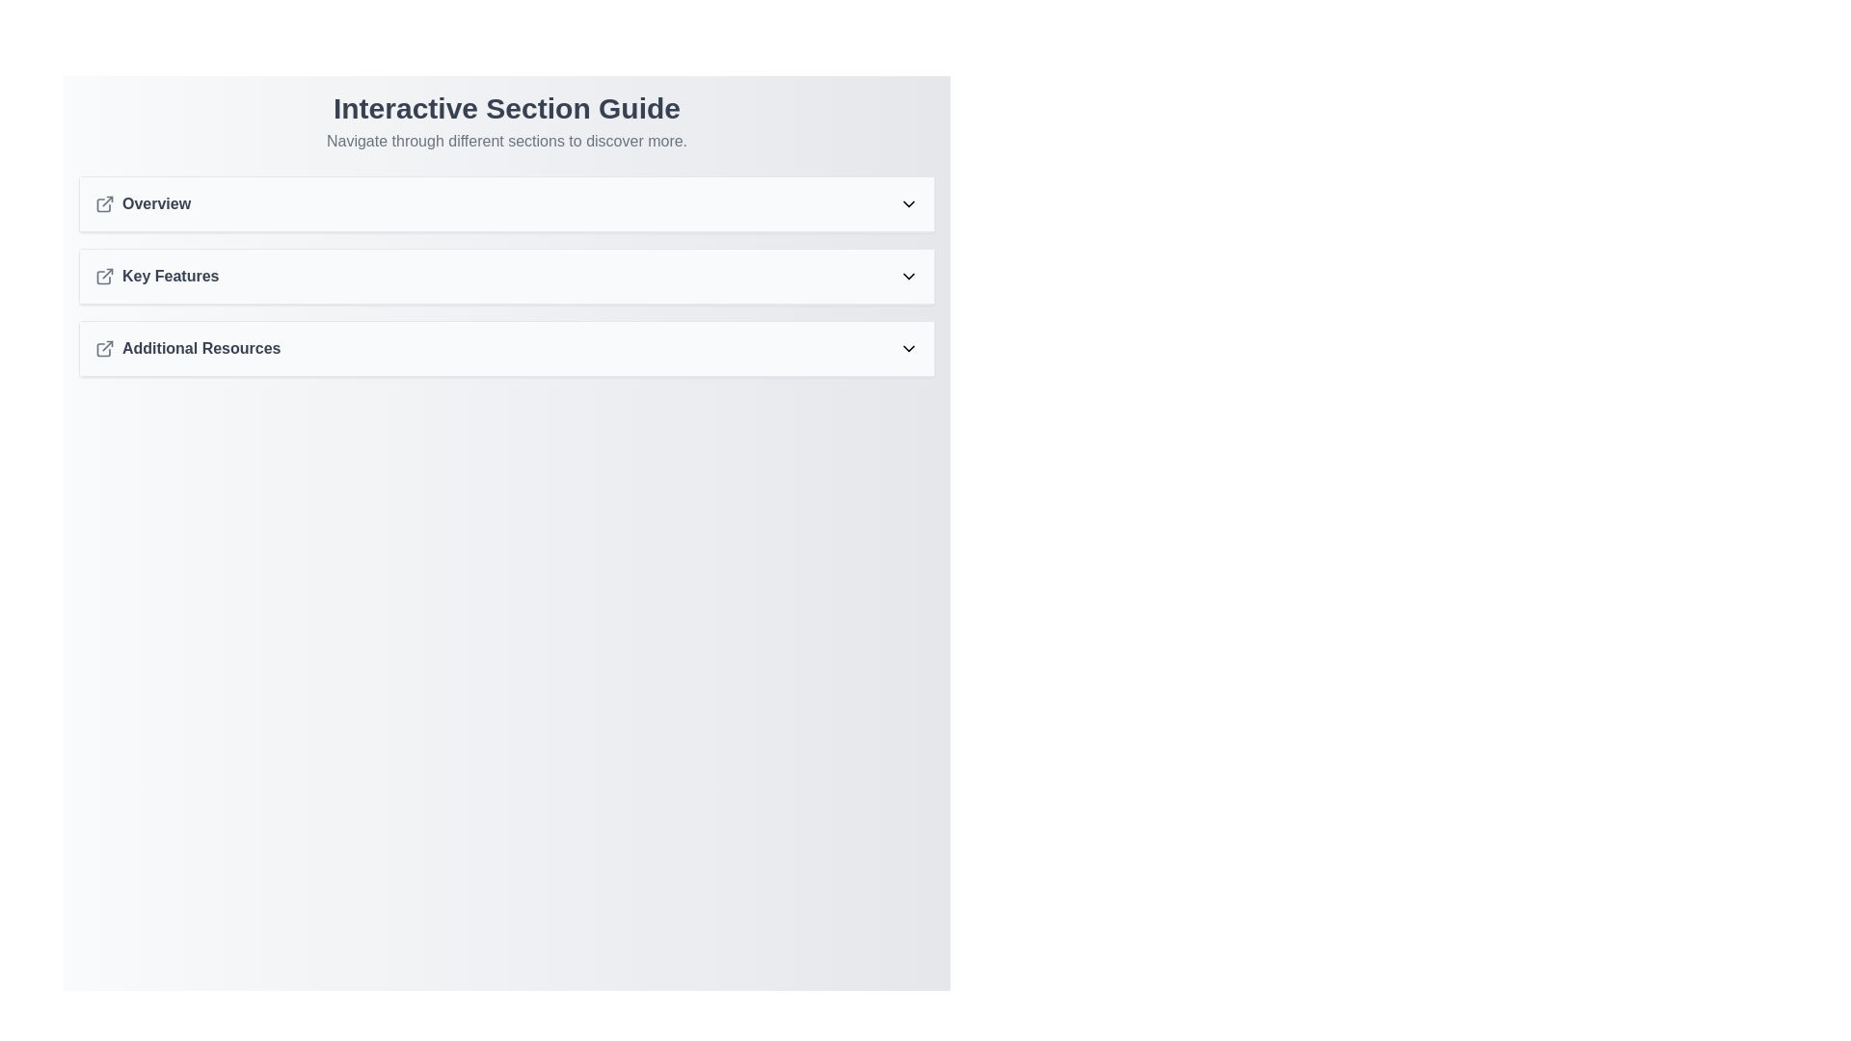 This screenshot has height=1041, width=1851. I want to click on the appearance of the 'Overview' icon, which is the first icon to the left of the text 'Overview' in a vertically stacked list, so click(104, 204).